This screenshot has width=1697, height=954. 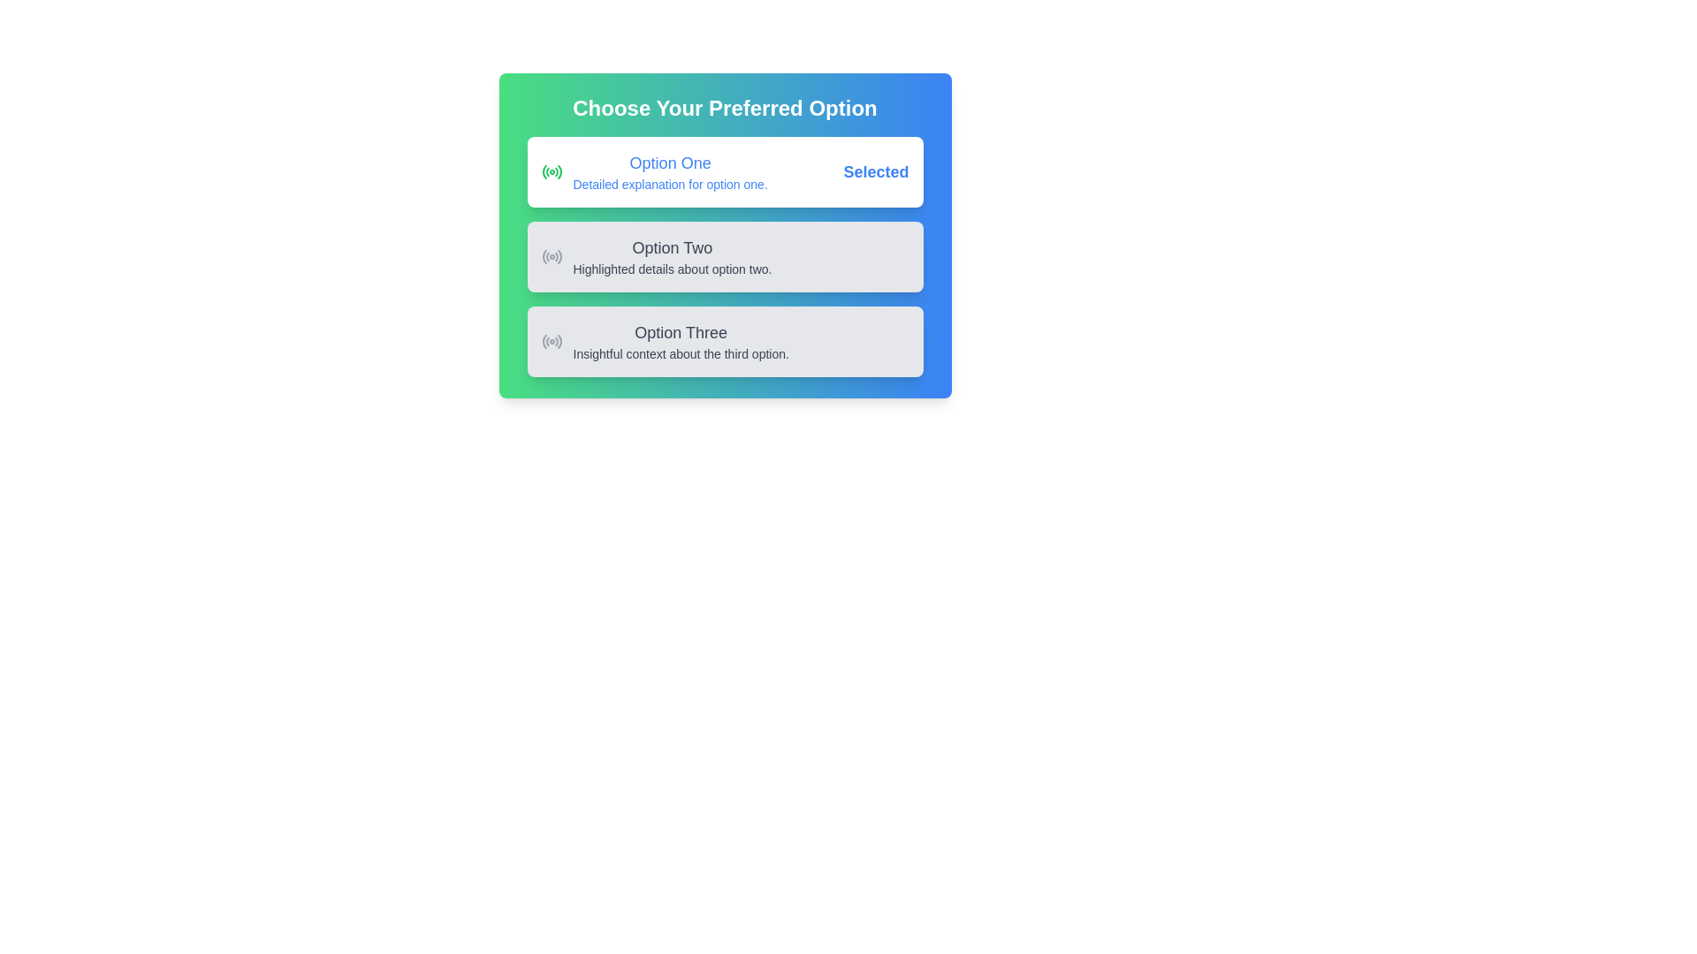 What do you see at coordinates (551, 172) in the screenshot?
I see `the selection indicator icon located to the left of the 'Option One' text in the first option card, which visually indicates the currently selected option` at bounding box center [551, 172].